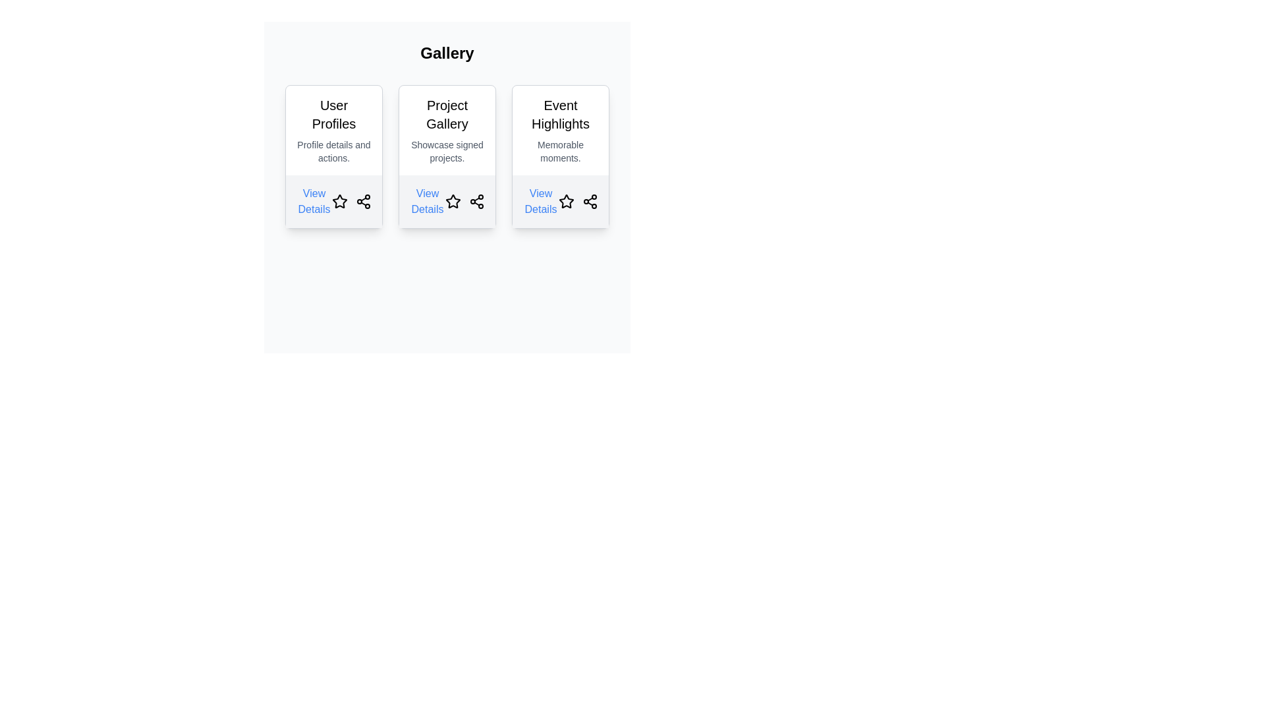 Image resolution: width=1265 pixels, height=712 pixels. Describe the element at coordinates (560, 130) in the screenshot. I see `displayed text in the 'Event Highlights' section, located in the upper half of the third card from the left` at that location.